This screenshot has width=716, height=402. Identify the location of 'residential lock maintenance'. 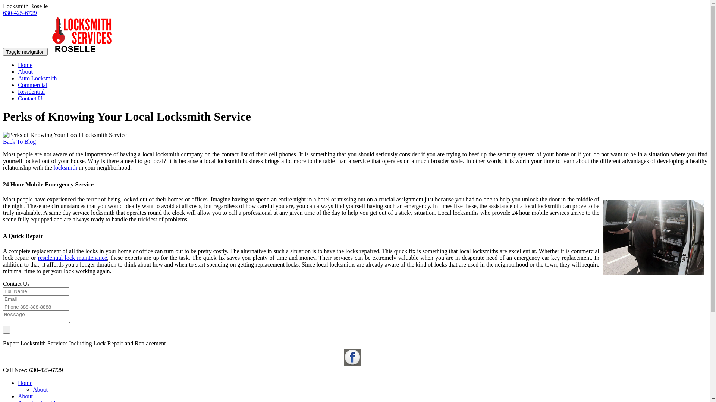
(72, 257).